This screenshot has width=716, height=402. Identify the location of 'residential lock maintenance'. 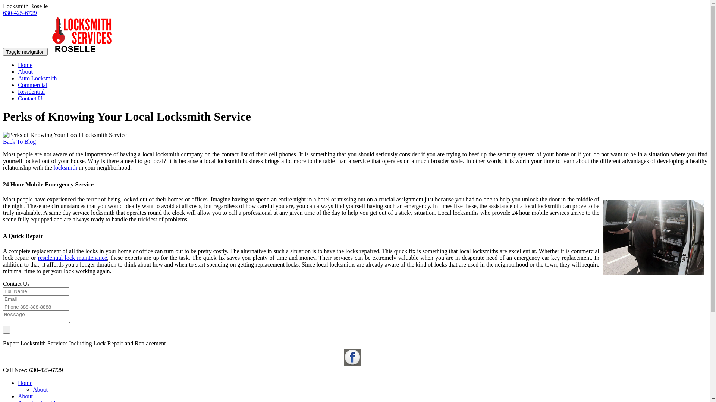
(72, 257).